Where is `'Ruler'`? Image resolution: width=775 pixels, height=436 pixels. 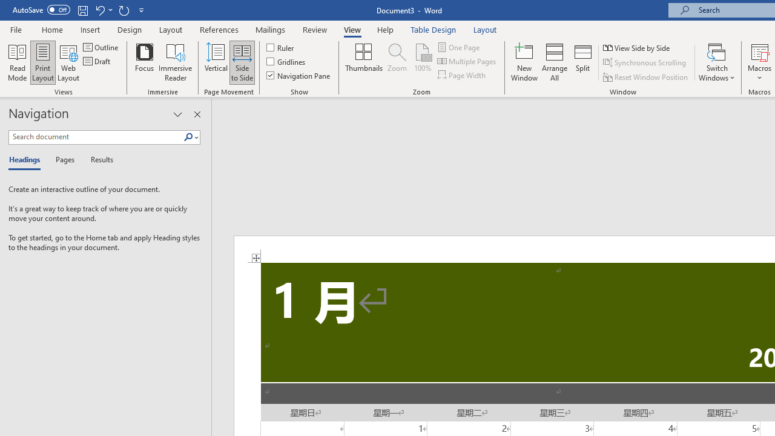
'Ruler' is located at coordinates (280, 47).